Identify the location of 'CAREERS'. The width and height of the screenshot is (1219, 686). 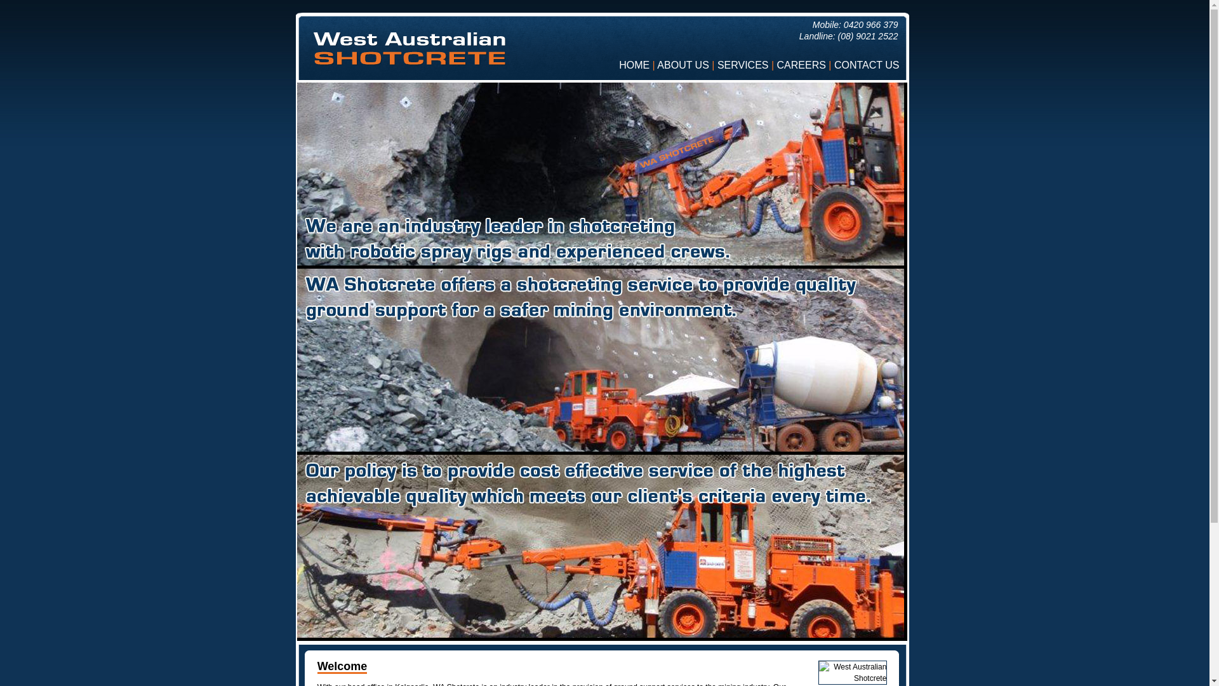
(801, 65).